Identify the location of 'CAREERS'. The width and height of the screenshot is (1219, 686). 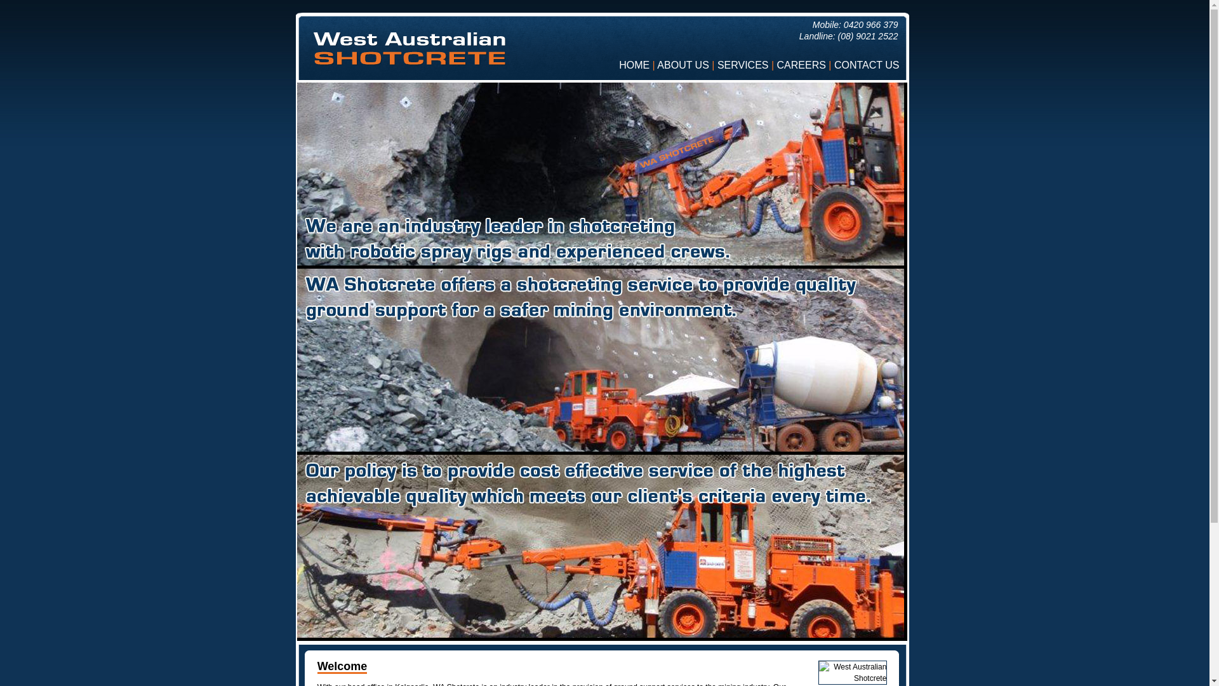
(801, 65).